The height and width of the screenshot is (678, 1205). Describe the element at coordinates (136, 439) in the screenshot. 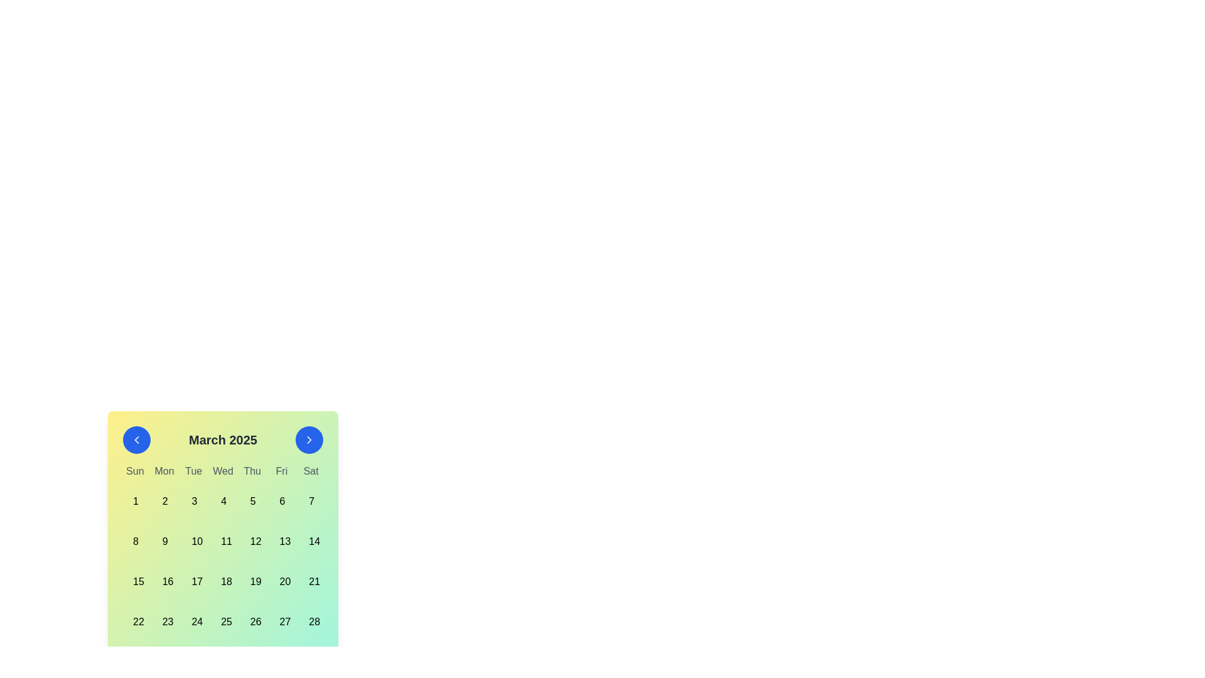

I see `the leftmost navigation button in the header bar of the date selector to apply a shadow effect` at that location.